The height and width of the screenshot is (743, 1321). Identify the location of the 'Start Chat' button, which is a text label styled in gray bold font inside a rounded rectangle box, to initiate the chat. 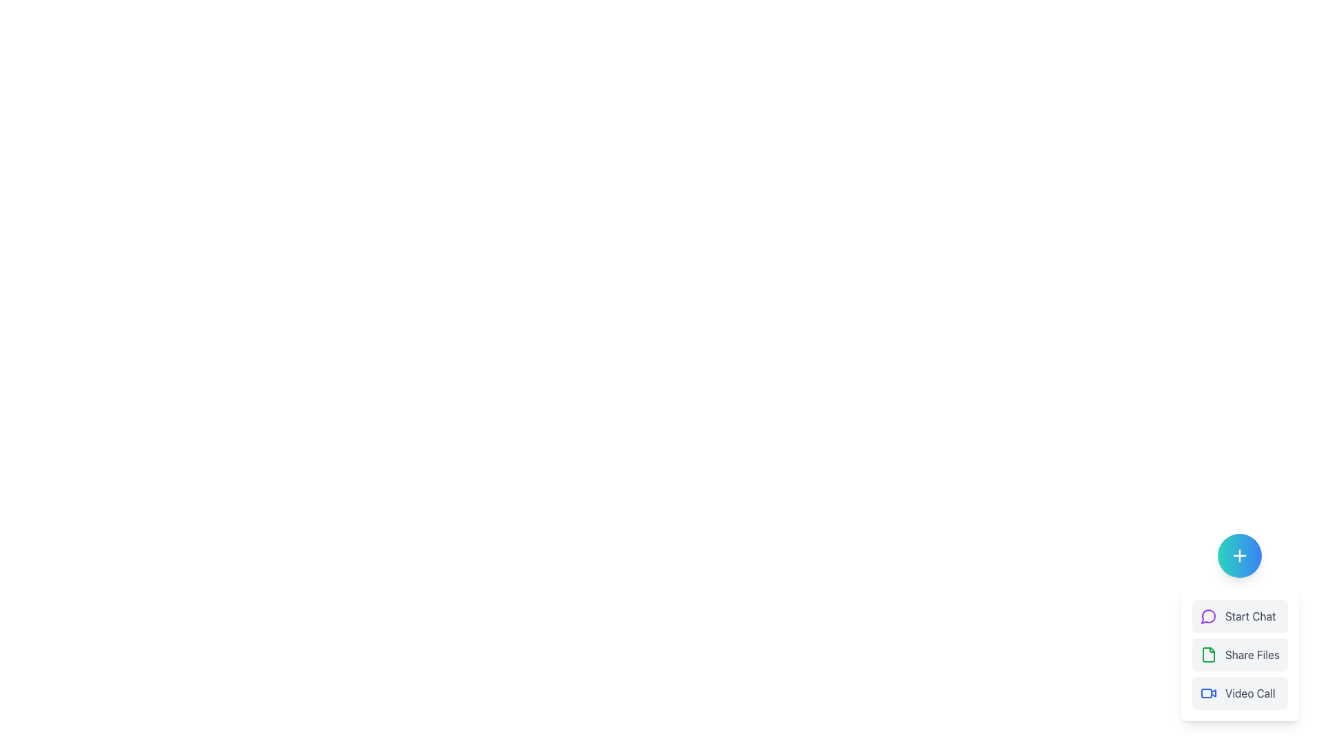
(1250, 615).